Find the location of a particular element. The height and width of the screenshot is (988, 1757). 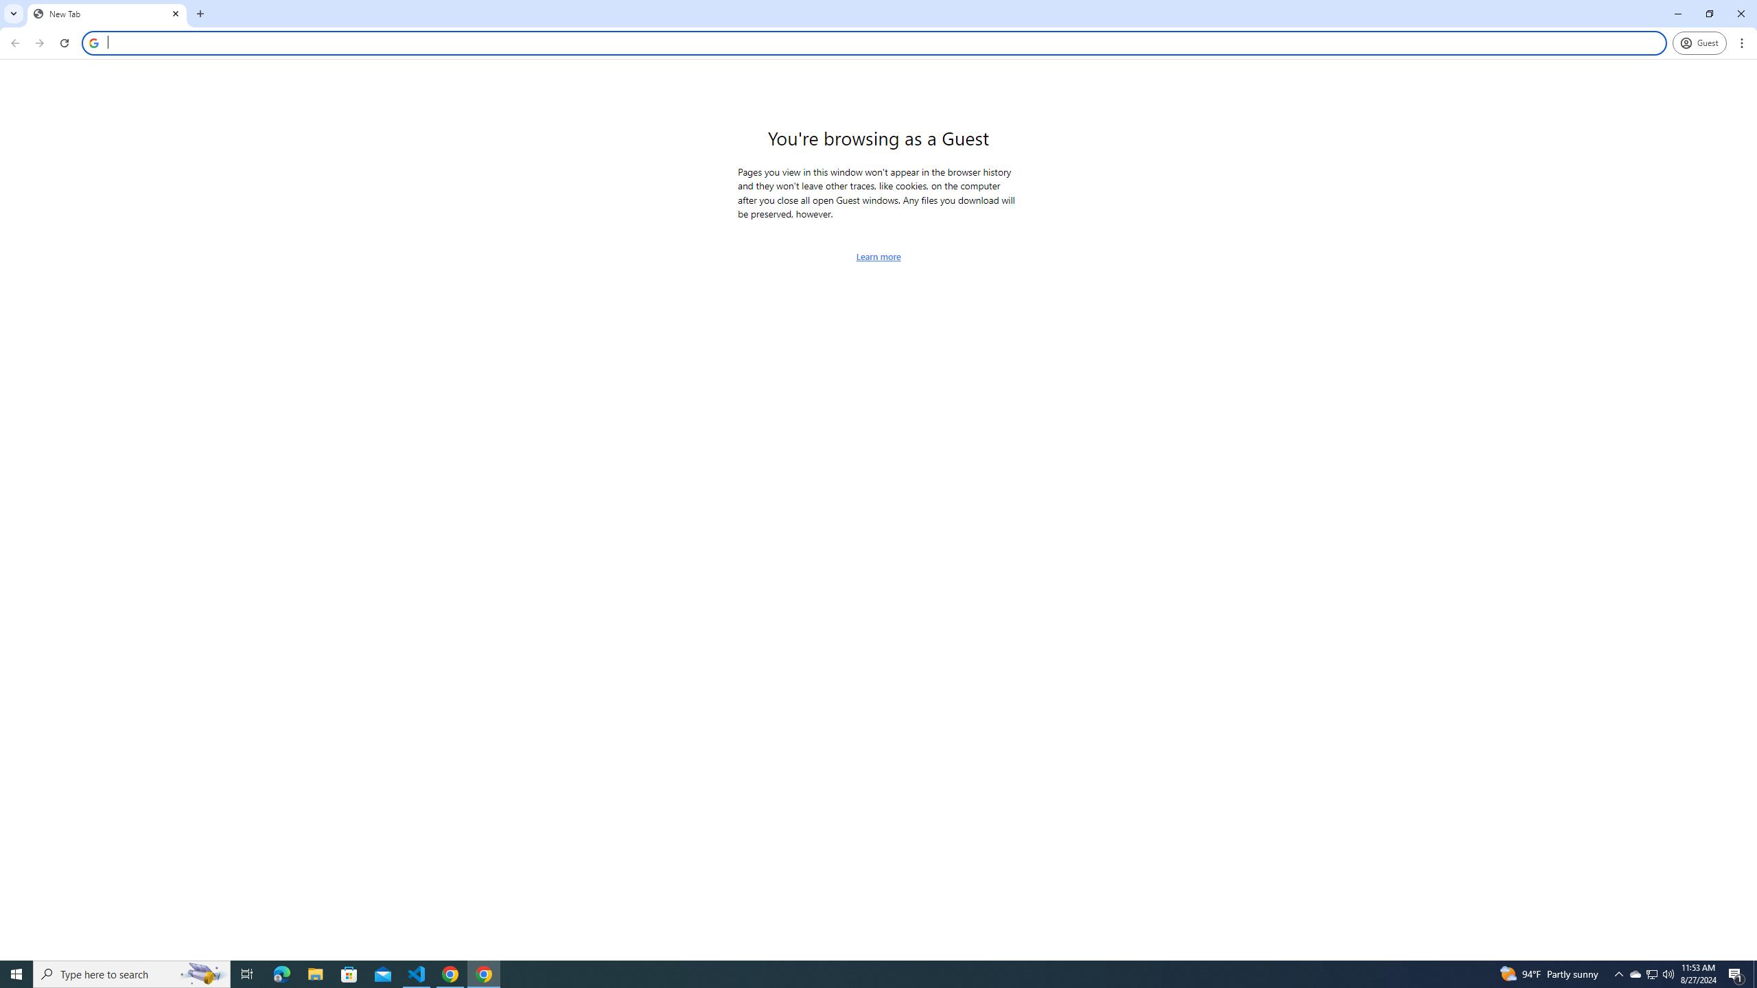

'New Tab' is located at coordinates (106, 13).